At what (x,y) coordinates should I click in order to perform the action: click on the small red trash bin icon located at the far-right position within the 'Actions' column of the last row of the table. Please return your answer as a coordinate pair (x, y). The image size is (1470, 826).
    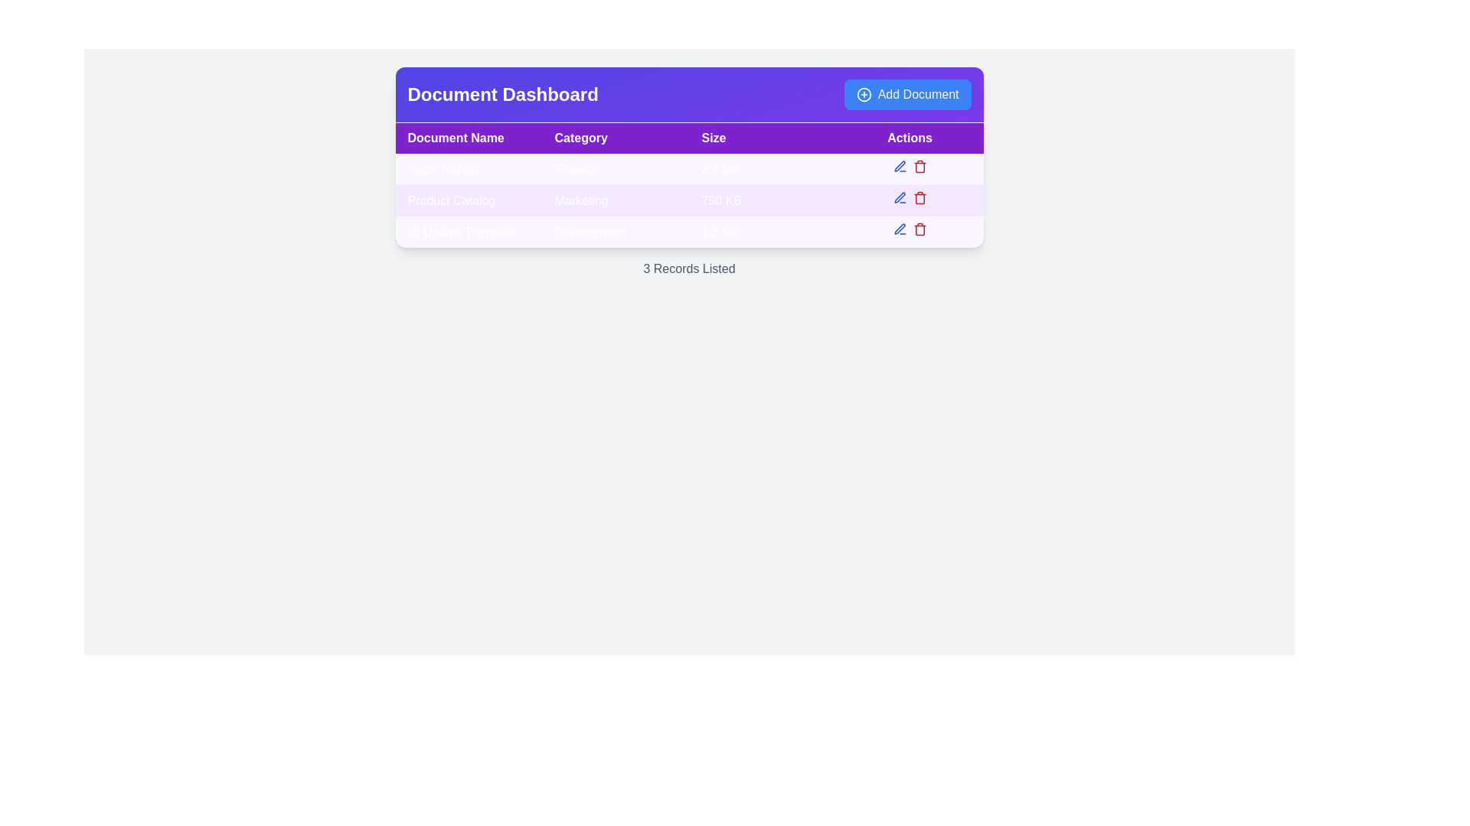
    Looking at the image, I should click on (919, 229).